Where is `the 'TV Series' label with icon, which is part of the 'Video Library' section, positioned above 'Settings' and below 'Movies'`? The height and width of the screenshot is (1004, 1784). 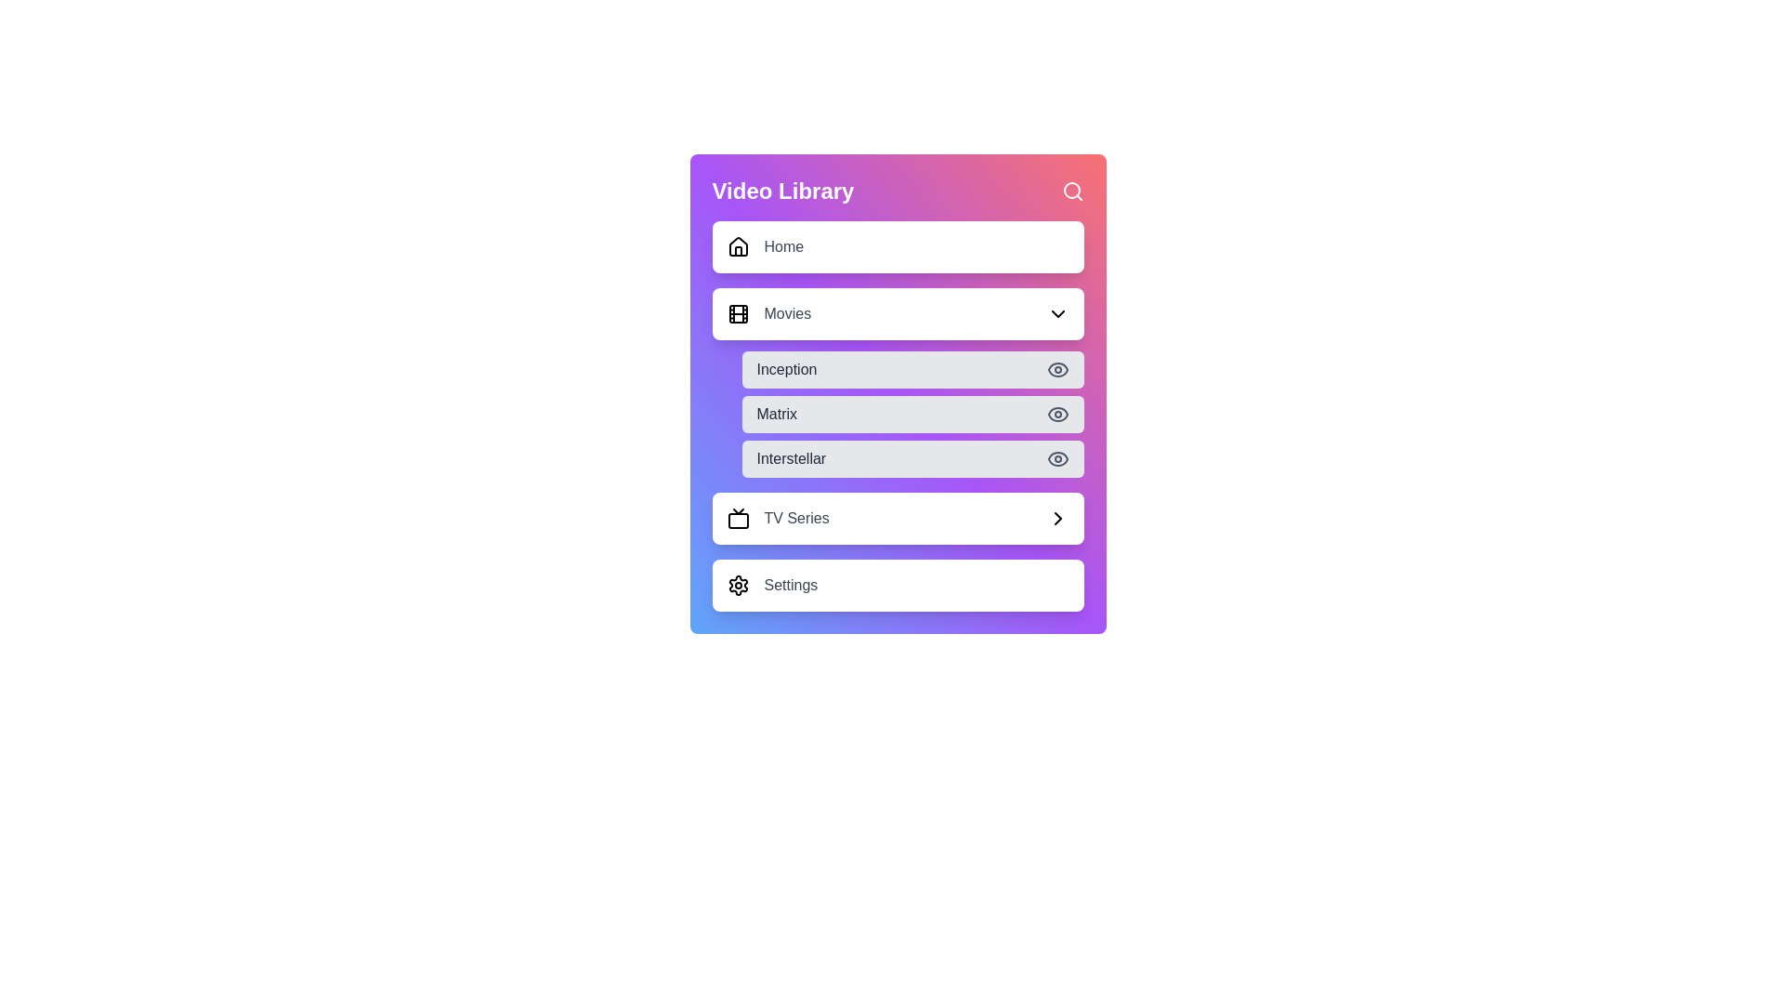
the 'TV Series' label with icon, which is part of the 'Video Library' section, positioned above 'Settings' and below 'Movies' is located at coordinates (778, 519).